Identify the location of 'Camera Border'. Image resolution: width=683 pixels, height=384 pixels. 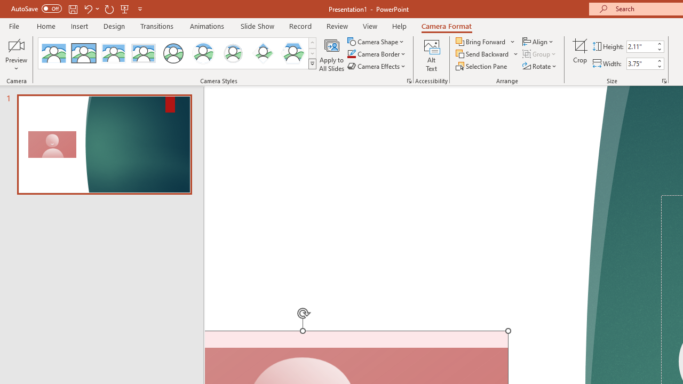
(377, 54).